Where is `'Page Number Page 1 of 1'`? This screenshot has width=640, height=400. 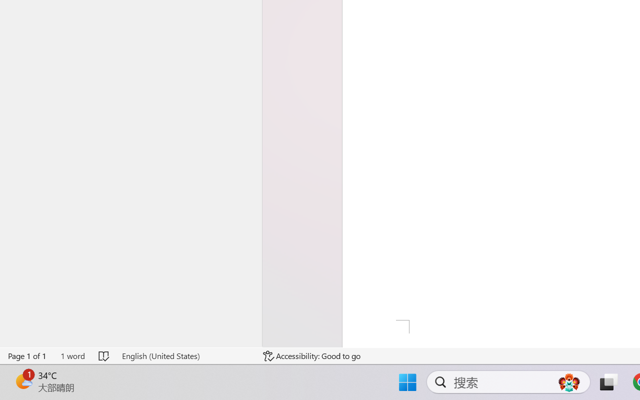 'Page Number Page 1 of 1' is located at coordinates (27, 355).